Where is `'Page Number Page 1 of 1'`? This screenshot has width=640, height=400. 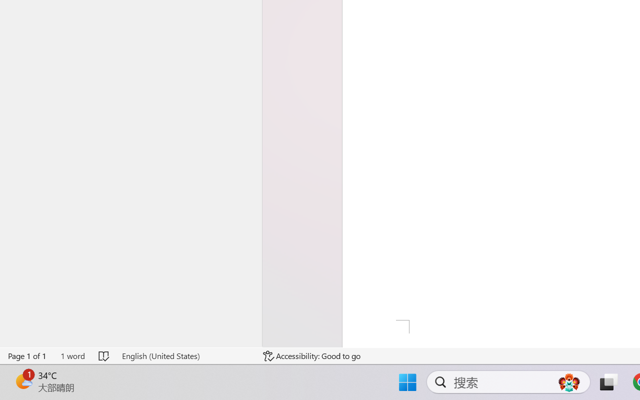 'Page Number Page 1 of 1' is located at coordinates (27, 355).